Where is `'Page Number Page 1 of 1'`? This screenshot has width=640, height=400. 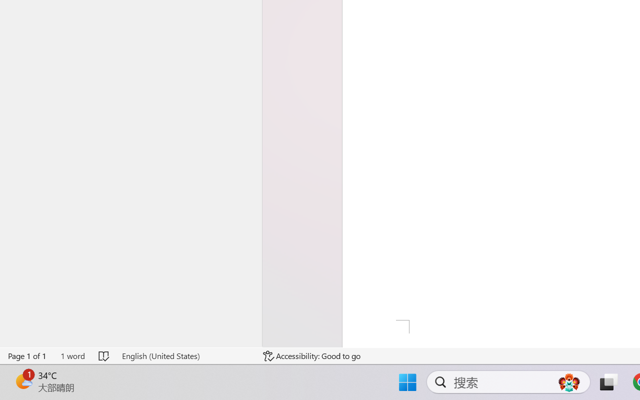 'Page Number Page 1 of 1' is located at coordinates (27, 355).